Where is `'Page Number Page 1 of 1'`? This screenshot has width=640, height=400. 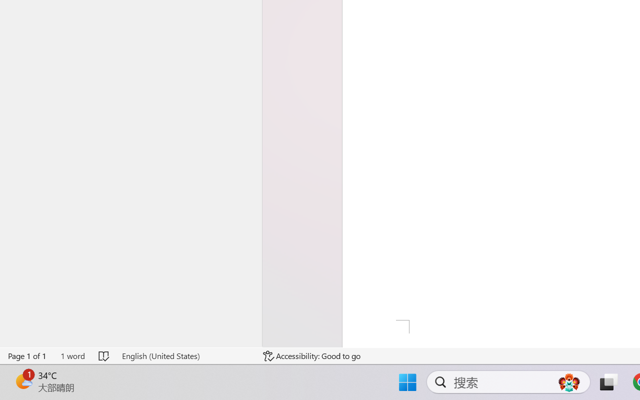 'Page Number Page 1 of 1' is located at coordinates (27, 355).